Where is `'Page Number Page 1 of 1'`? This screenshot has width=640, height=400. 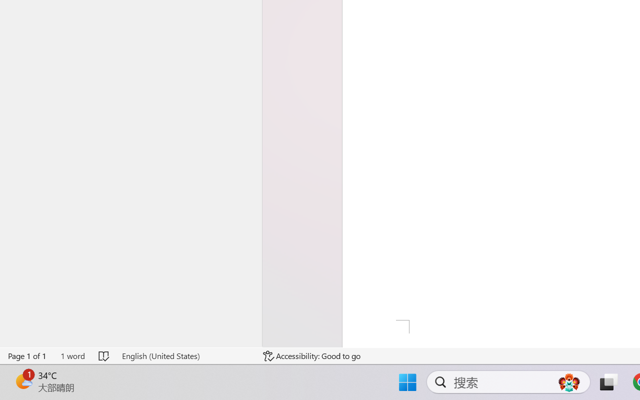 'Page Number Page 1 of 1' is located at coordinates (27, 355).